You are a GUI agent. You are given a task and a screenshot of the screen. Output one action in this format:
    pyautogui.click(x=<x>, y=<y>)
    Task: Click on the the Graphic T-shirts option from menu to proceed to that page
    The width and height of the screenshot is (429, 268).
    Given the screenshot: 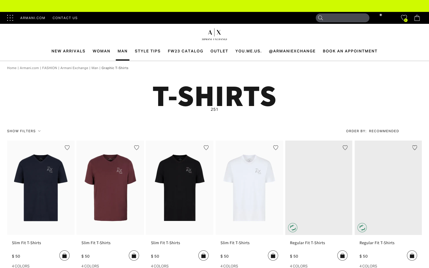 What is the action you would take?
    pyautogui.click(x=115, y=67)
    